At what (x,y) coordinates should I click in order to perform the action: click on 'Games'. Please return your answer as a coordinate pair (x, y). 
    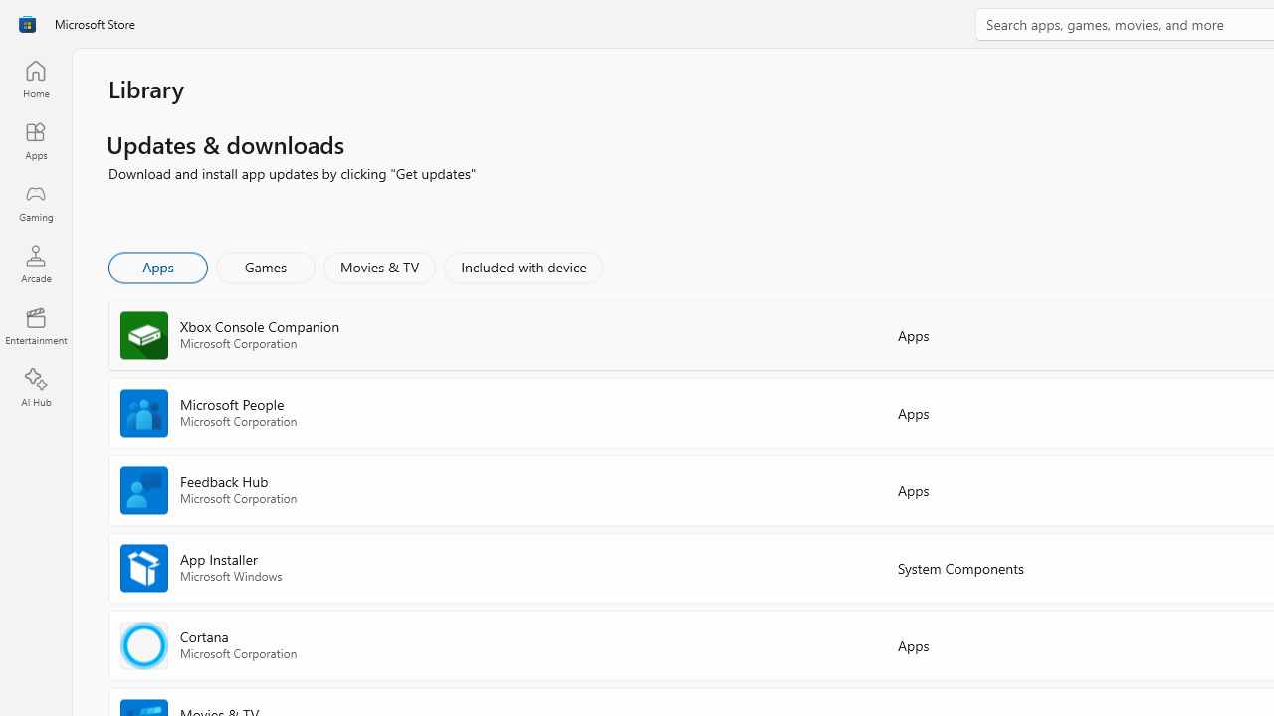
    Looking at the image, I should click on (265, 266).